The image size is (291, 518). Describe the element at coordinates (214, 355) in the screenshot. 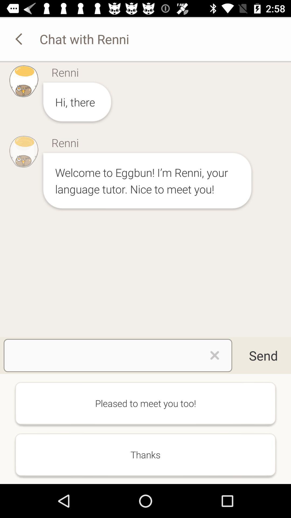

I see `the close icon` at that location.